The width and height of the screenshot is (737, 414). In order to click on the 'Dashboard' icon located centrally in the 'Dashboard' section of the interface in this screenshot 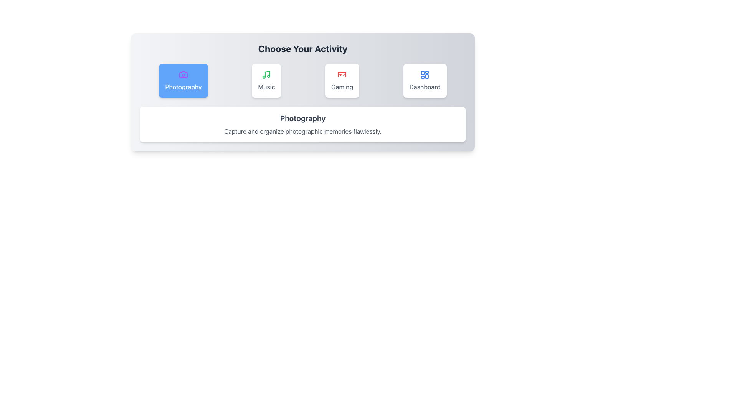, I will do `click(425, 75)`.